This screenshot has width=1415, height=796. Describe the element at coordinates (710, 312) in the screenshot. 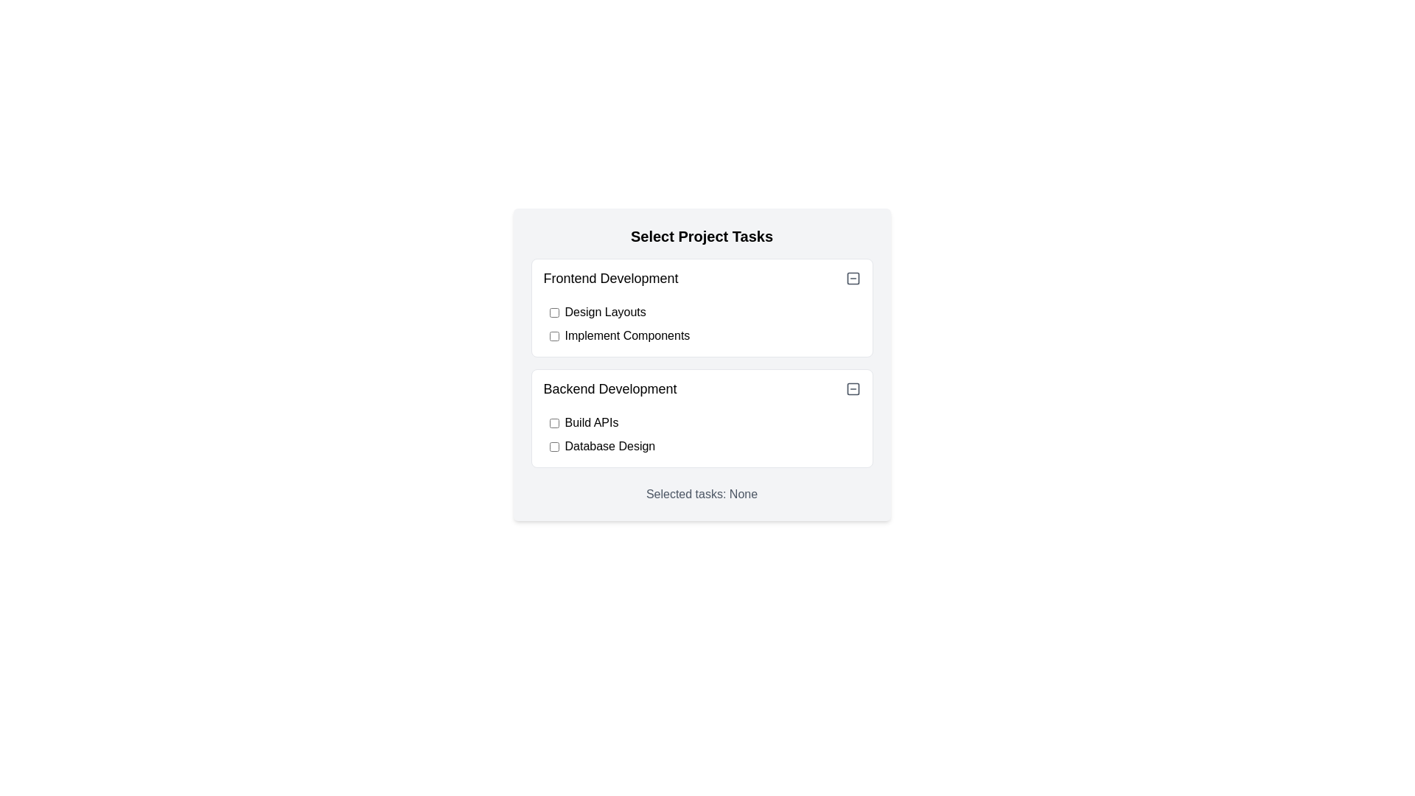

I see `the 'Design Layouts' checkbox in the 'Frontend Development' section` at that location.